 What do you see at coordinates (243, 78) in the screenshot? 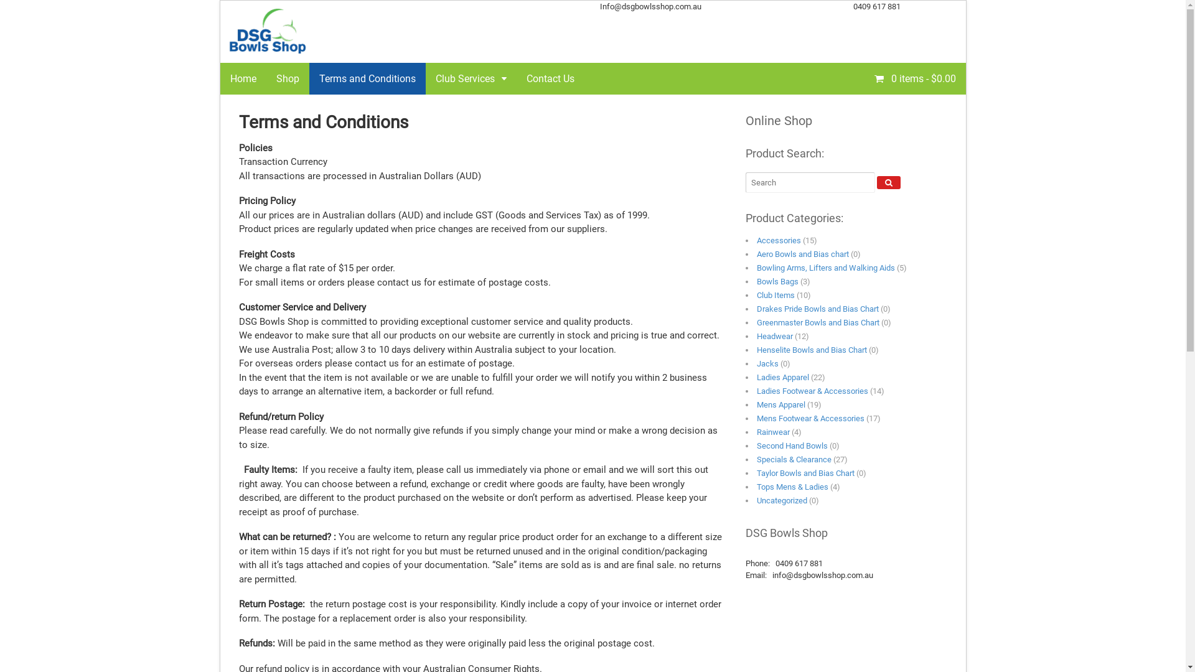
I see `'Home'` at bounding box center [243, 78].